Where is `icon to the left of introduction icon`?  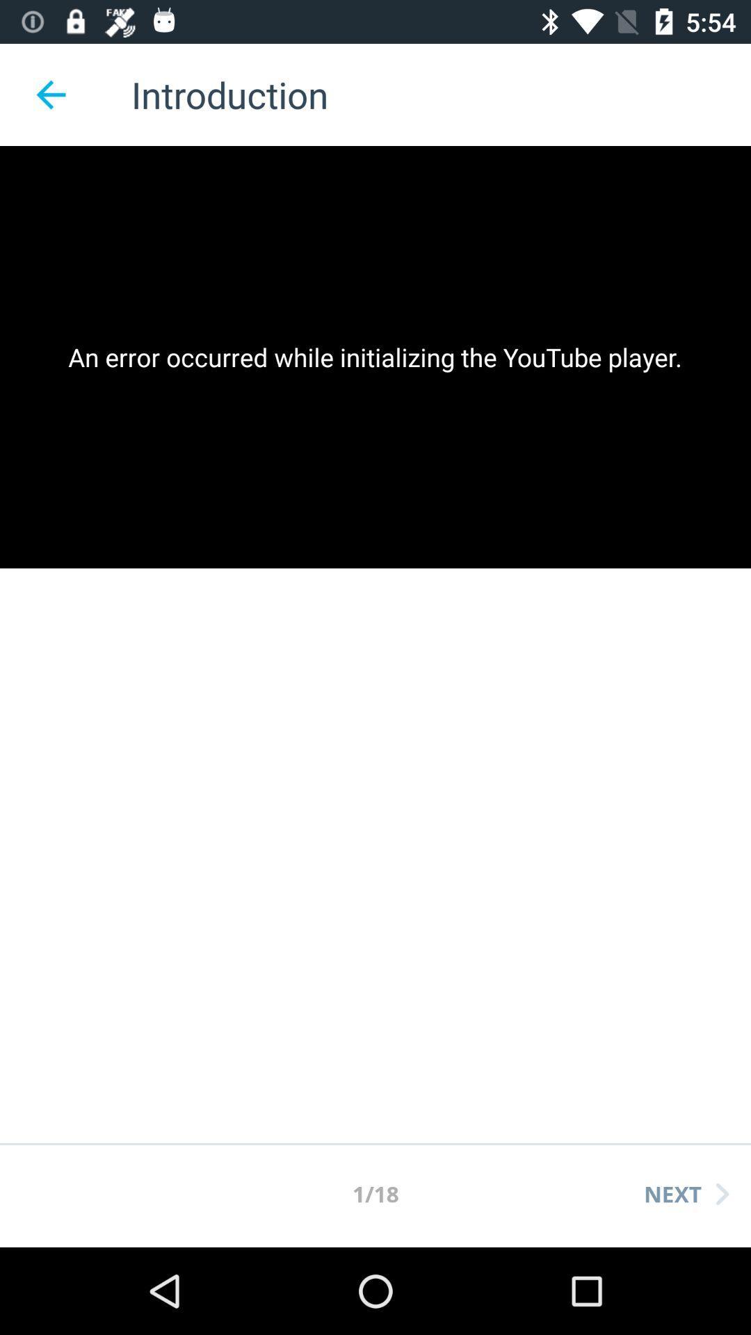 icon to the left of introduction icon is located at coordinates (50, 94).